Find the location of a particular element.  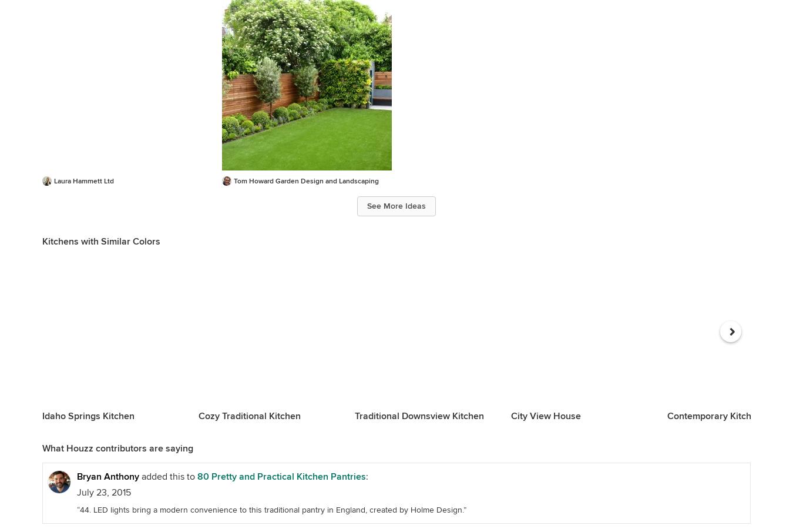

'What Houzz contributors are saying' is located at coordinates (117, 449).